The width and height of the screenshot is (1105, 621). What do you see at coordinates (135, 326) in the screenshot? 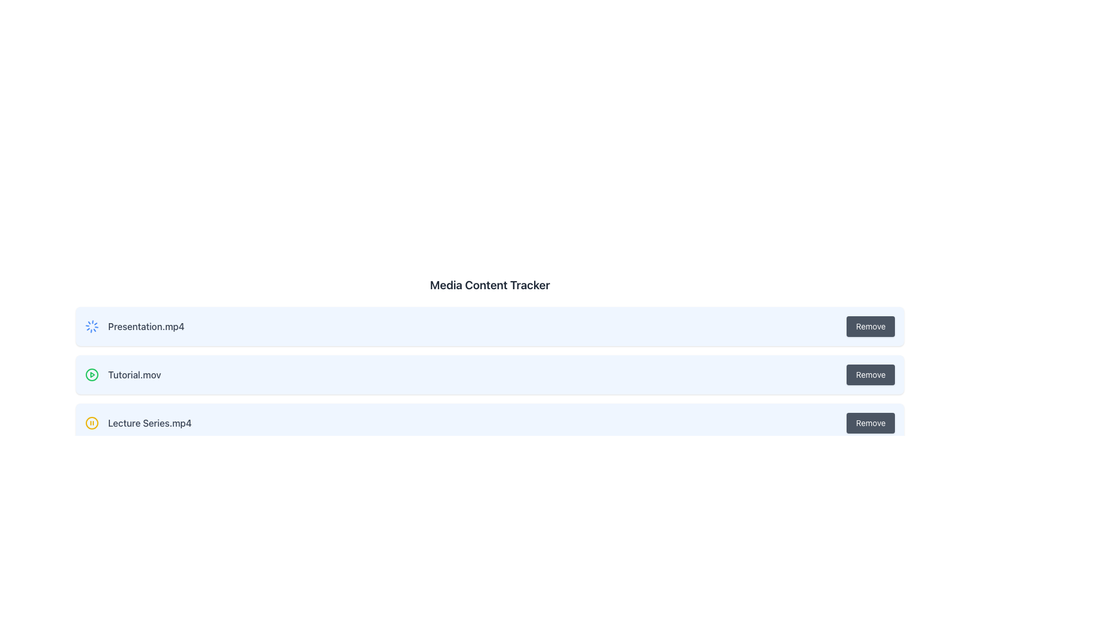
I see `the loading indicator label for the 'Presentation.mp4' item, located in the first row of a vertically stacked list, in the left portion of the row` at bounding box center [135, 326].